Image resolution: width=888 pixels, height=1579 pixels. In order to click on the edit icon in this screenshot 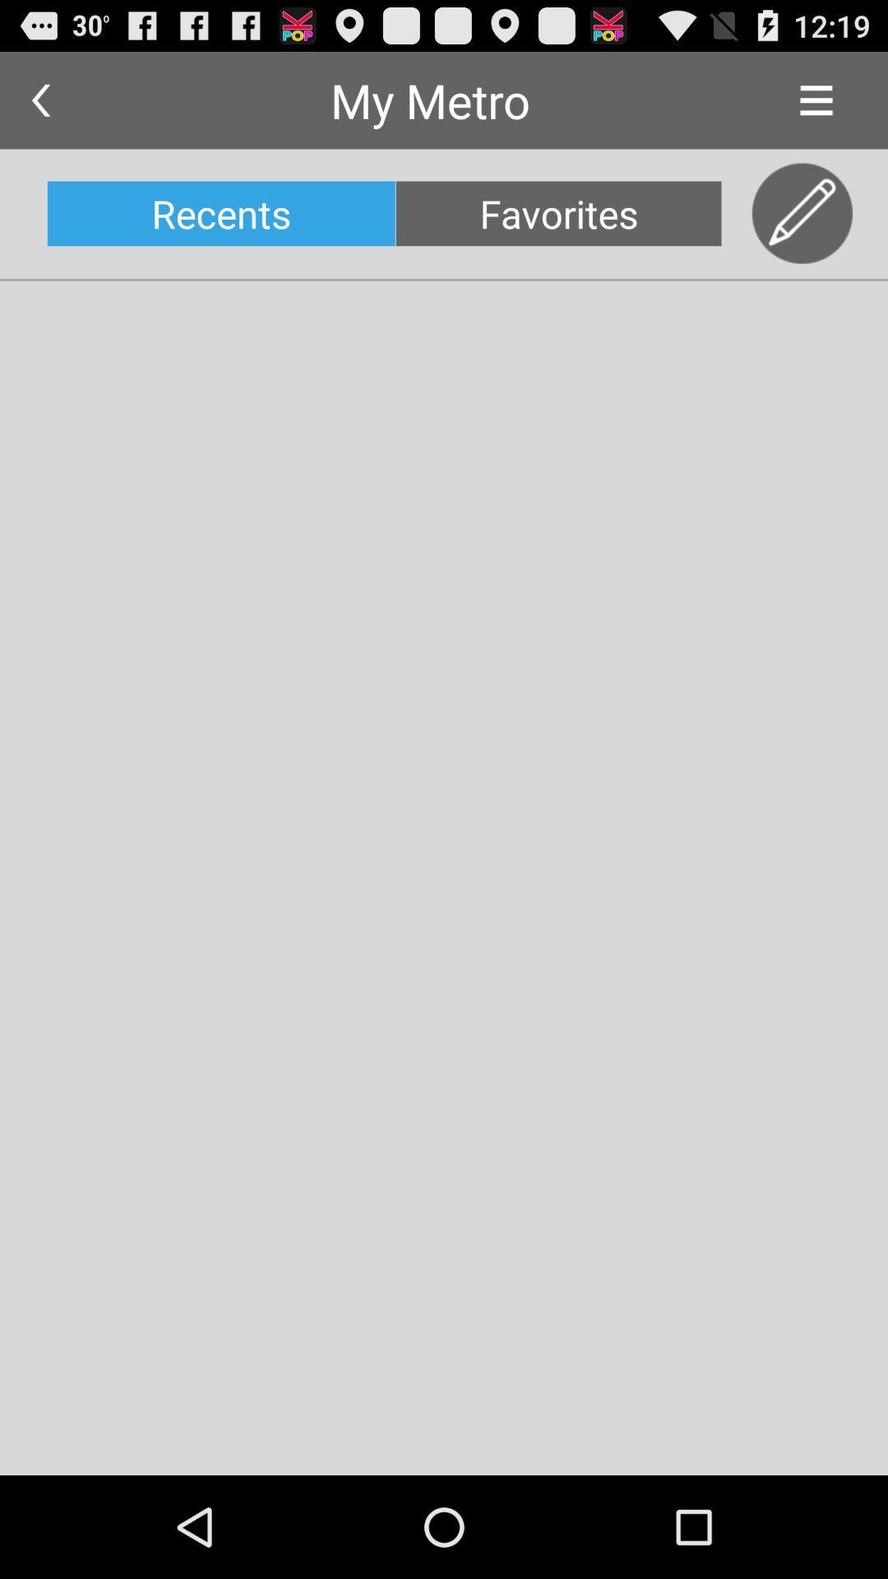, I will do `click(802, 228)`.